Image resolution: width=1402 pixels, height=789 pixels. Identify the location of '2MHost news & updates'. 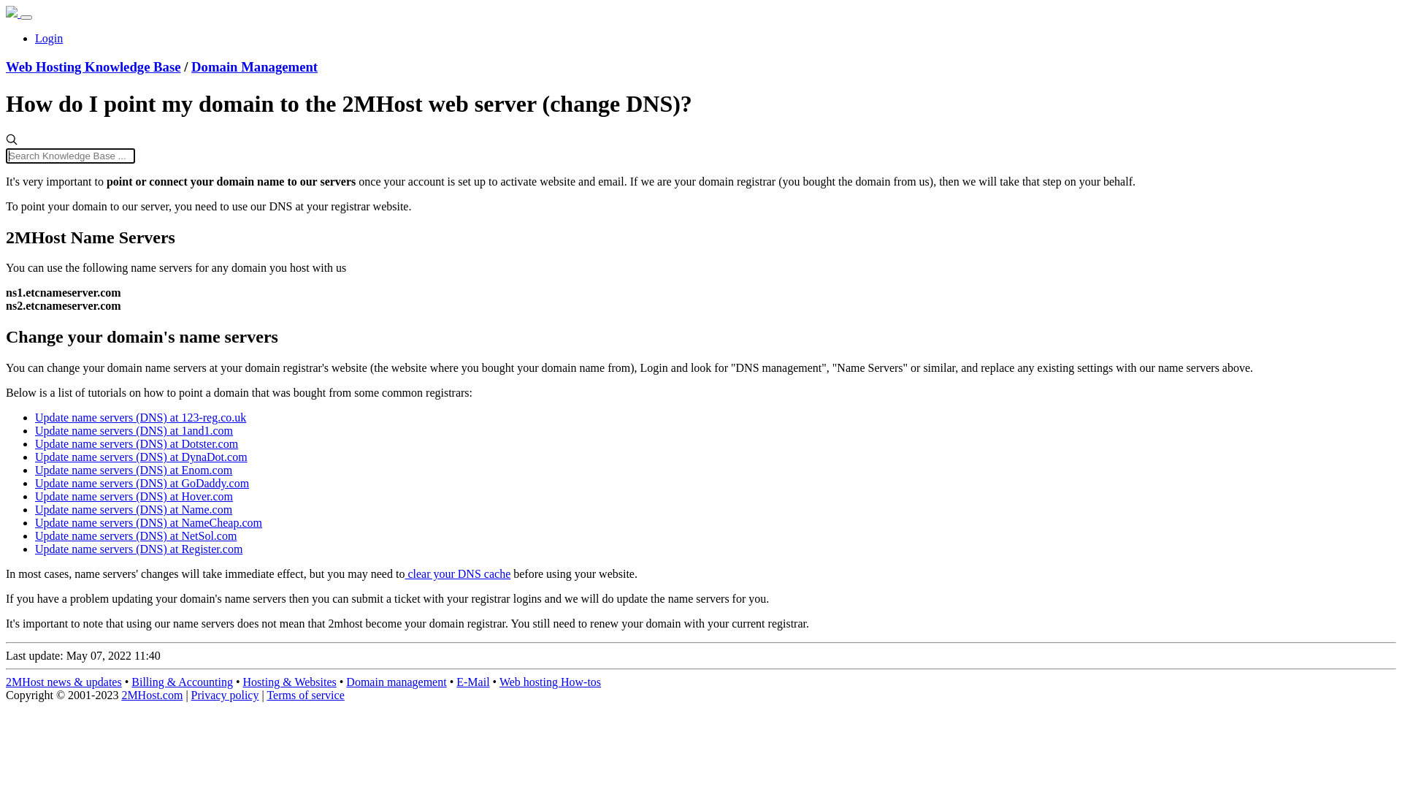
(63, 682).